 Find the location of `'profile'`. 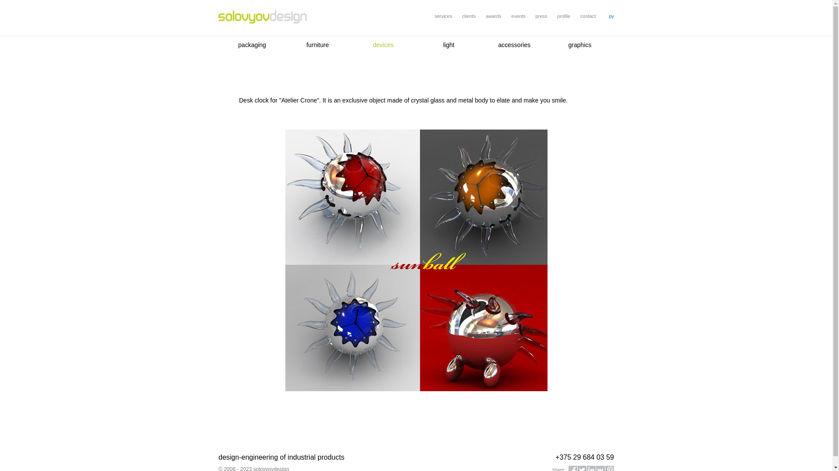

'profile' is located at coordinates (564, 16).